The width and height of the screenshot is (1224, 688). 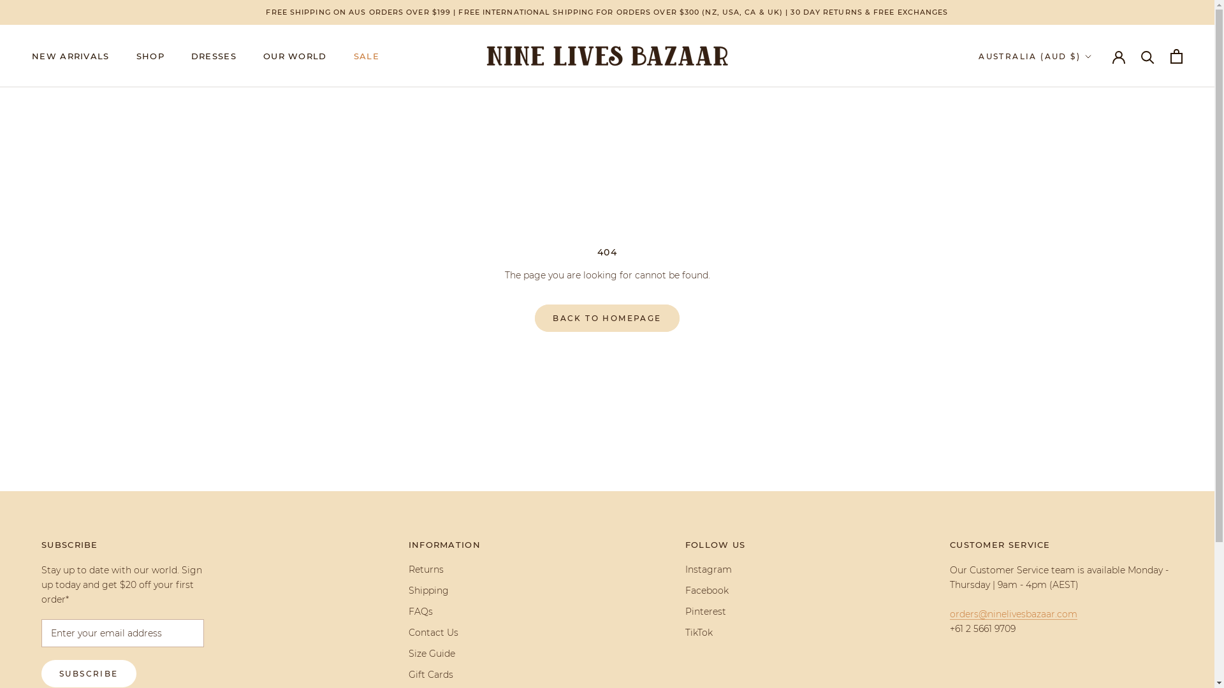 What do you see at coordinates (294, 55) in the screenshot?
I see `'OUR WORLD'` at bounding box center [294, 55].